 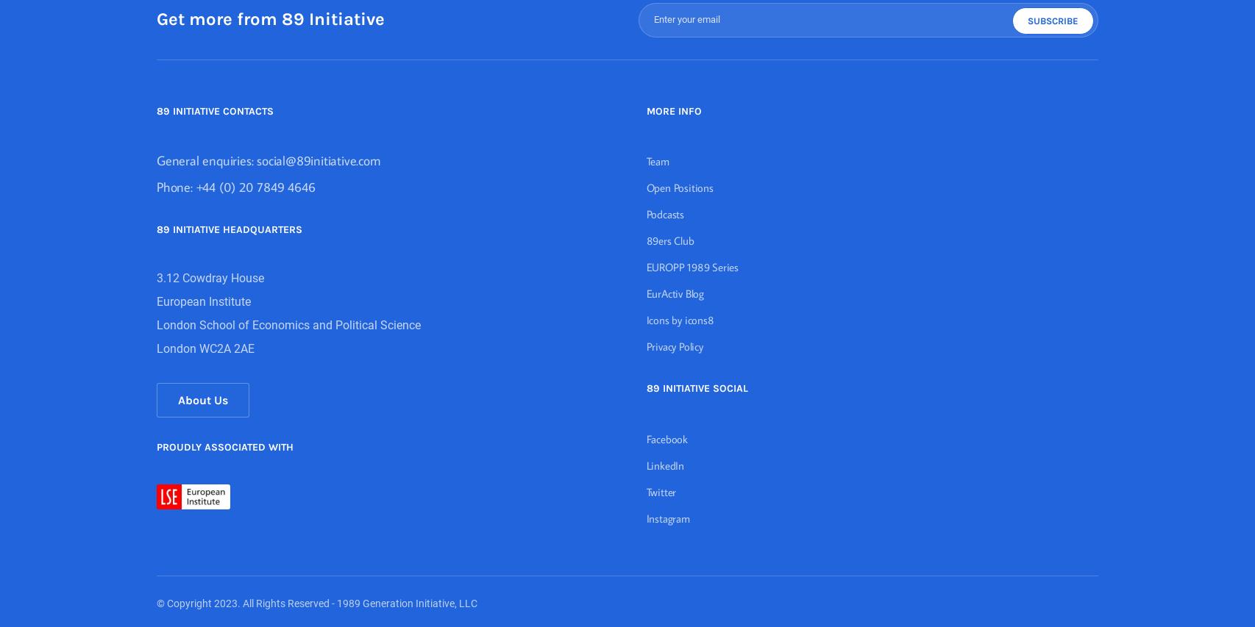 What do you see at coordinates (1052, 19) in the screenshot?
I see `'SUBSCRIBE'` at bounding box center [1052, 19].